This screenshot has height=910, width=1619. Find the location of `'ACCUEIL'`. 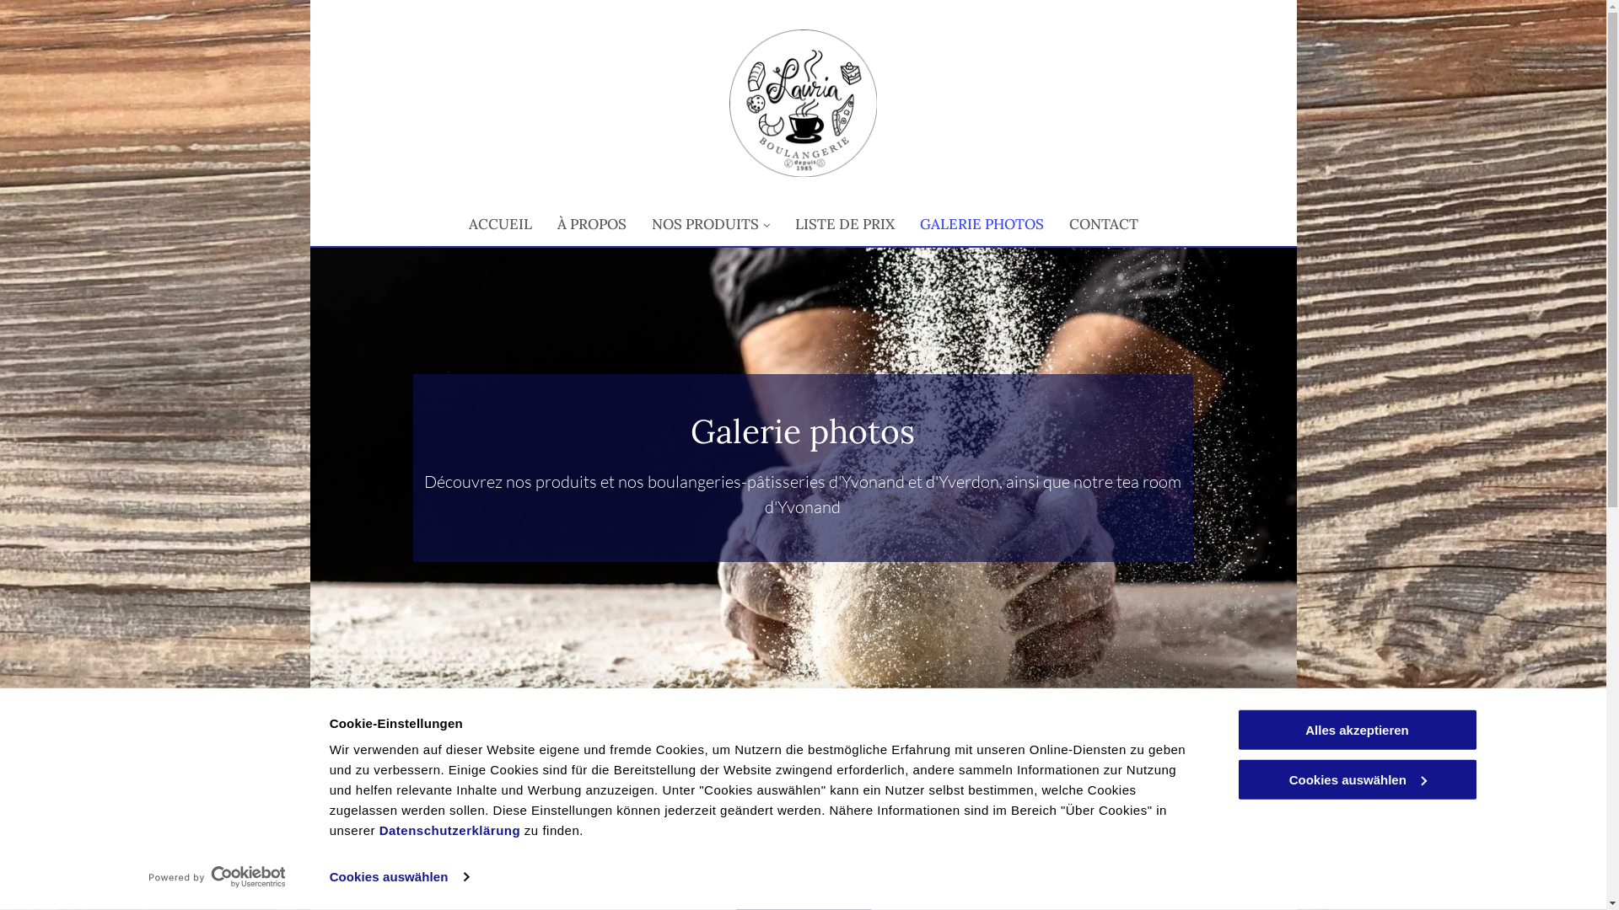

'ACCUEIL' is located at coordinates (498, 223).